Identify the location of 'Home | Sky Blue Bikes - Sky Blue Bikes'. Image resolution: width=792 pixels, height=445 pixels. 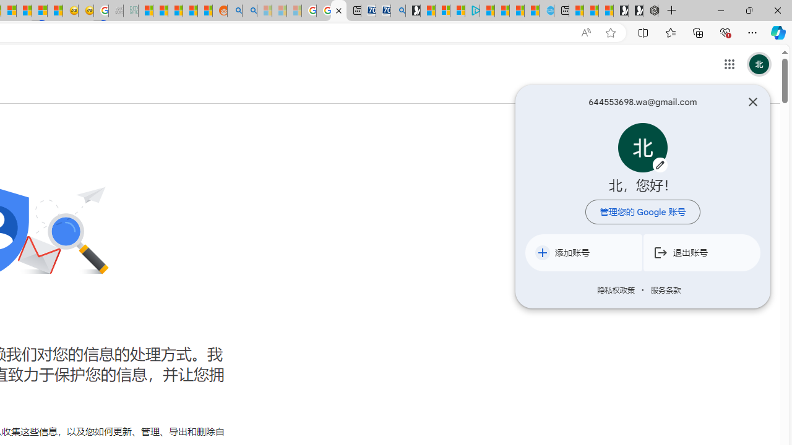
(546, 11).